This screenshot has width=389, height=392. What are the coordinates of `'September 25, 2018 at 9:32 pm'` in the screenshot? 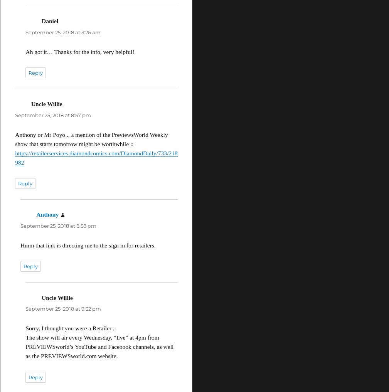 It's located at (62, 308).